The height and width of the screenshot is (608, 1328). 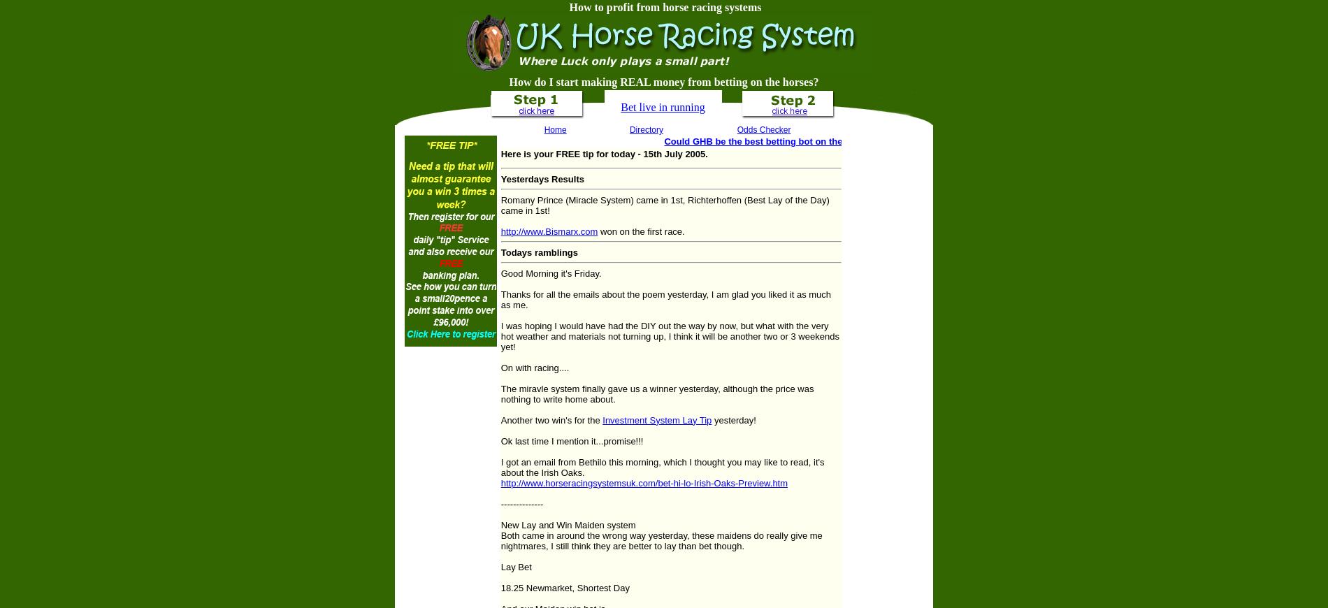 What do you see at coordinates (733, 419) in the screenshot?
I see `'yesterday!'` at bounding box center [733, 419].